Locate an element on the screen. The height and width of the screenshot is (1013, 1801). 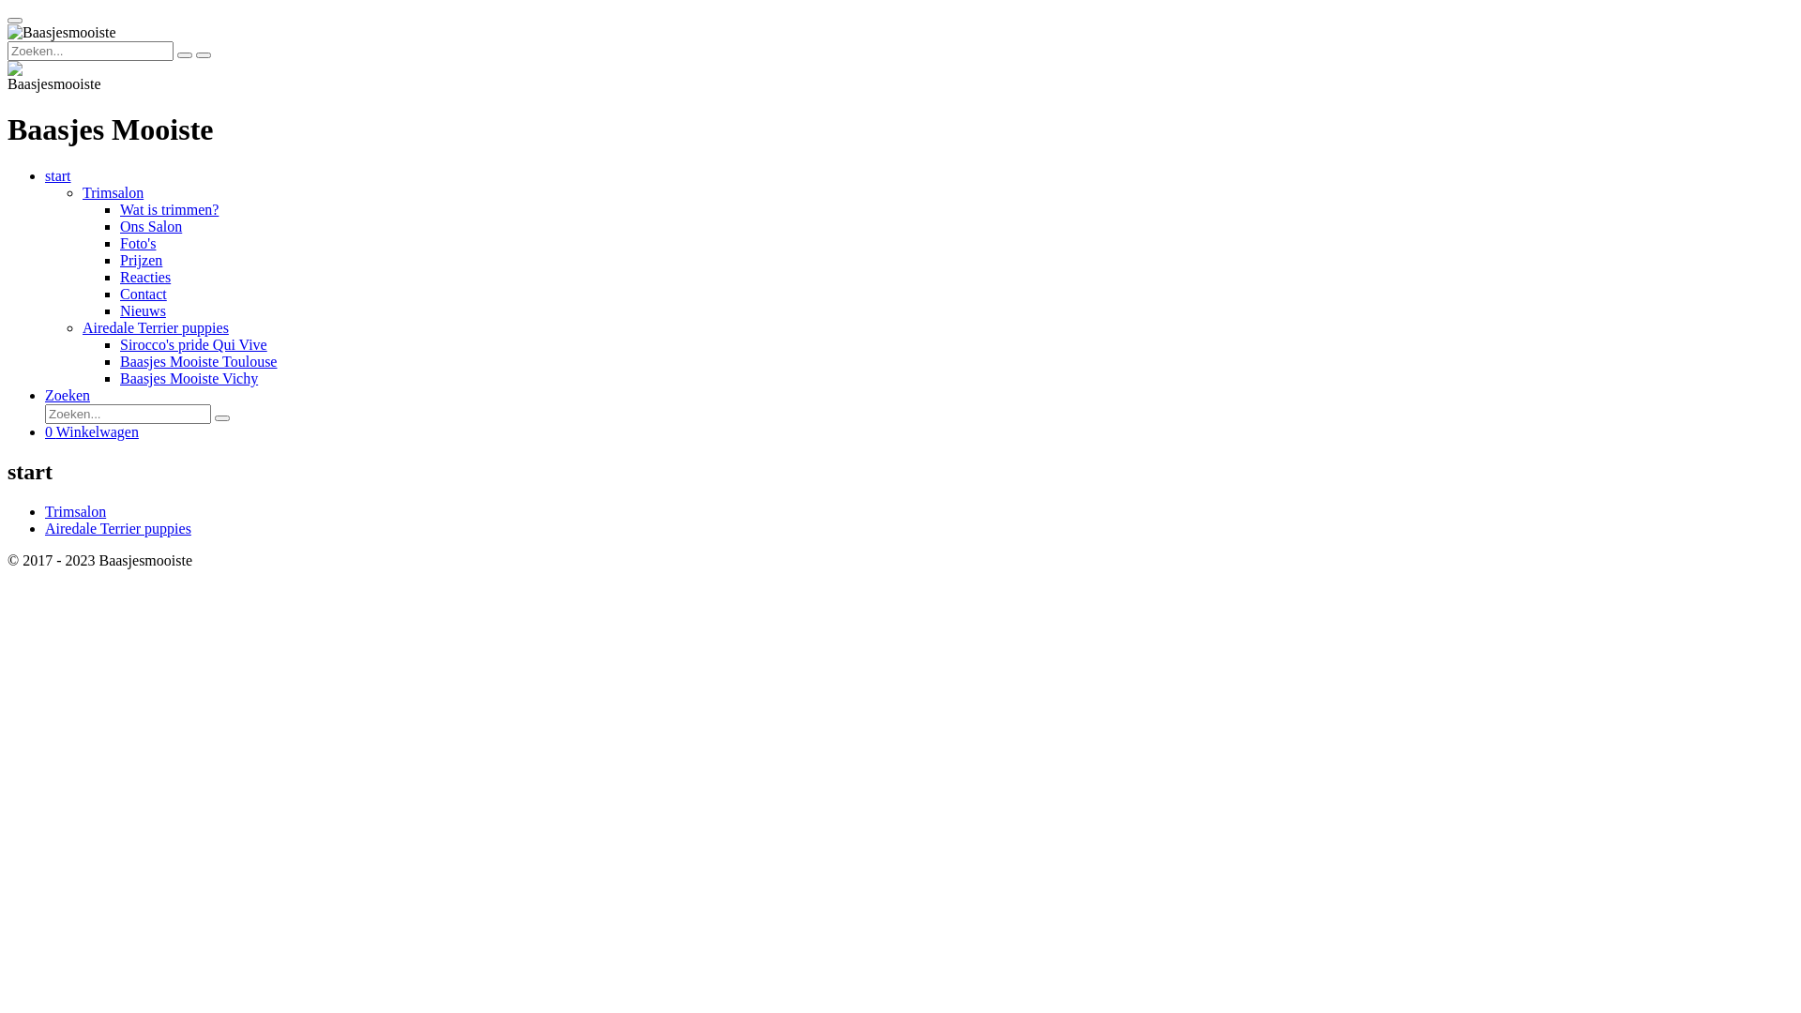
'Airedale Terrier puppies' is located at coordinates (116, 528).